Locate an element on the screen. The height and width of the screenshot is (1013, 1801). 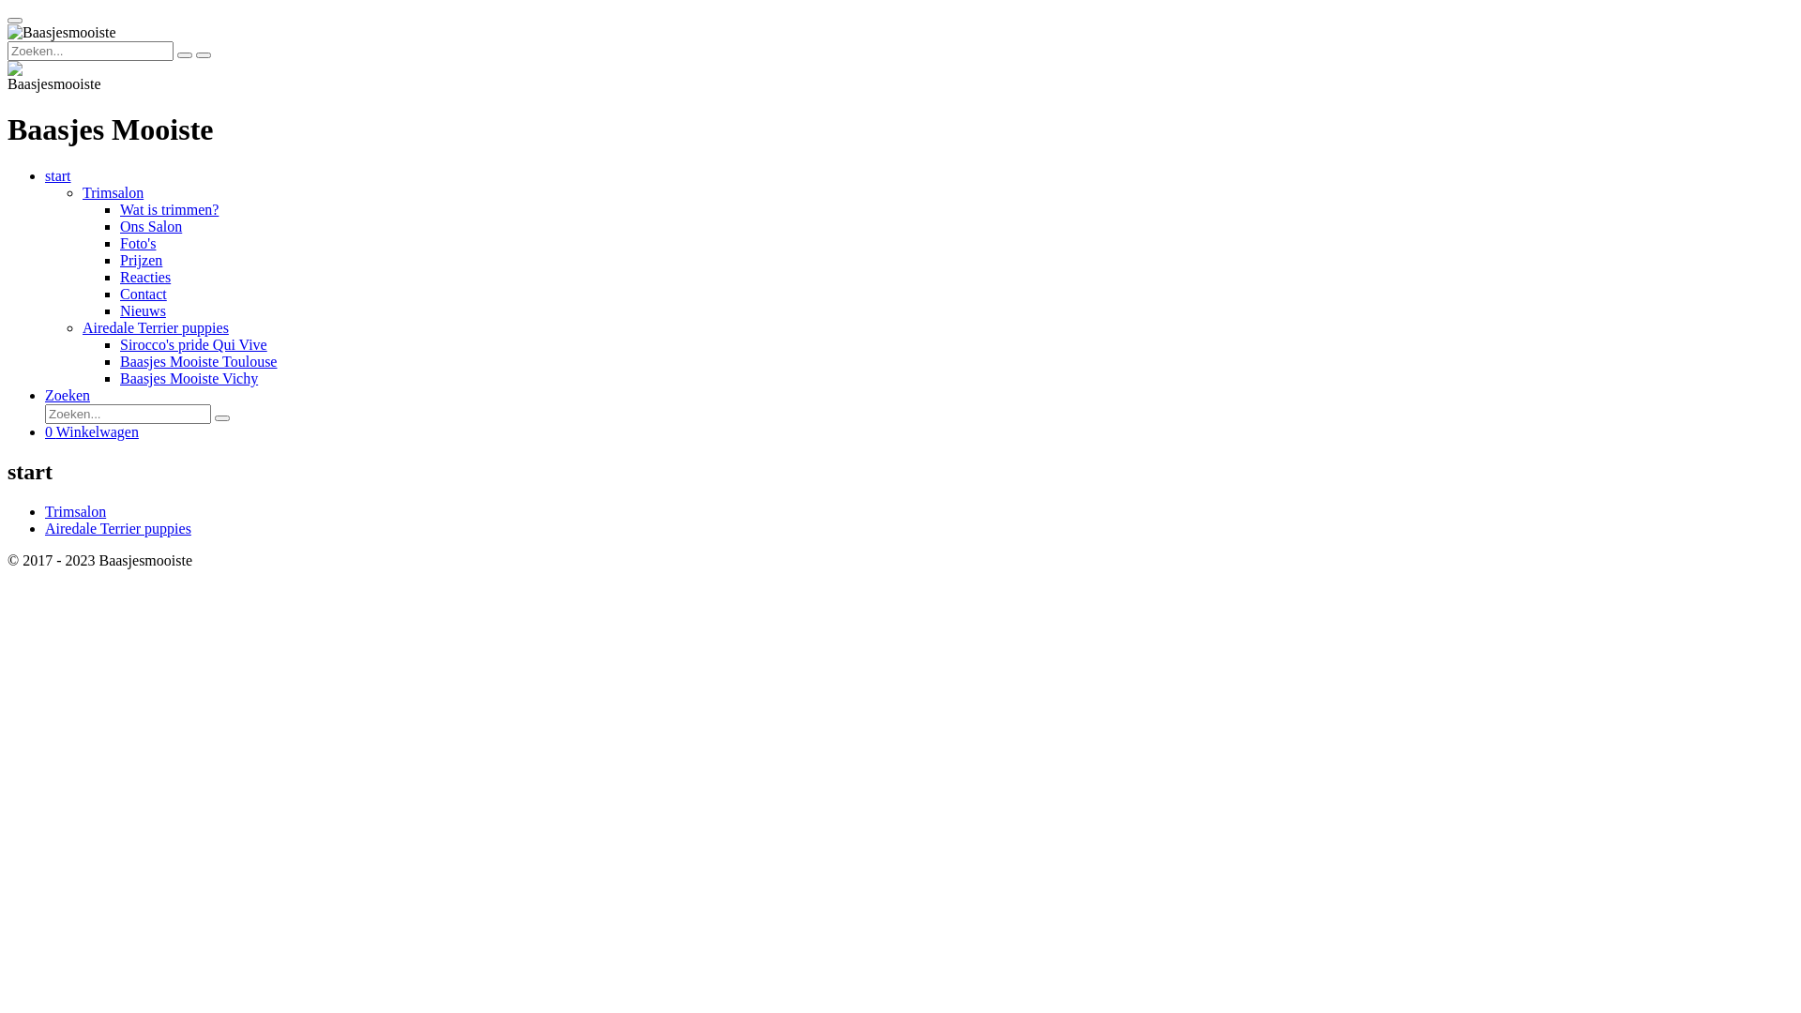
'Airedale Terrier puppies' is located at coordinates (116, 528).